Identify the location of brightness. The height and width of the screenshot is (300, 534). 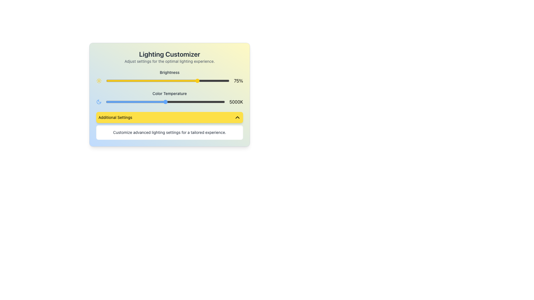
(172, 81).